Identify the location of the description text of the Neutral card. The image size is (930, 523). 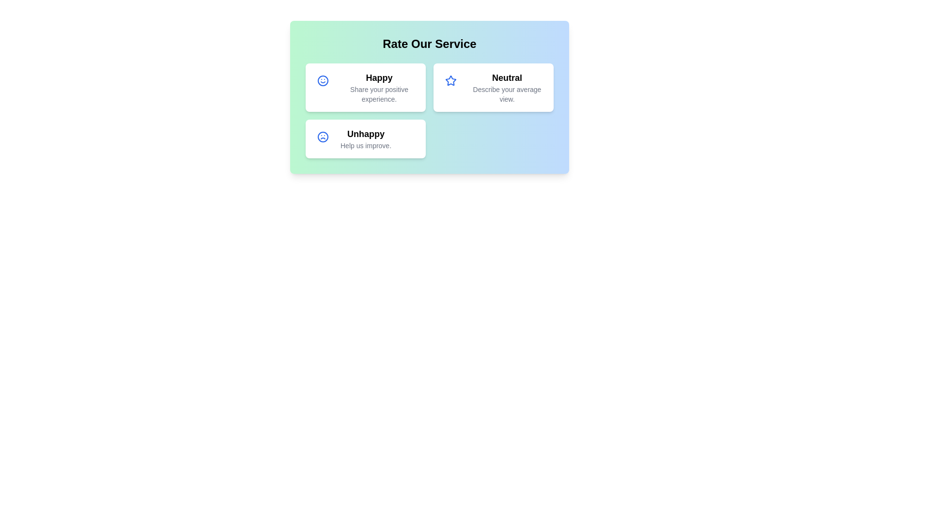
(506, 94).